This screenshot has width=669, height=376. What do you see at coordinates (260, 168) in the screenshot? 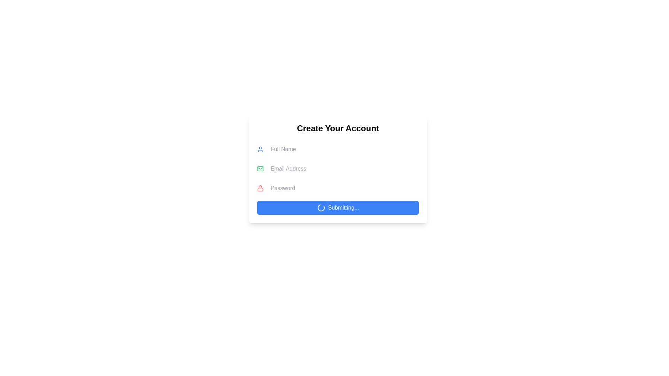
I see `the triangular-shaped icon resembling the flap of an envelope, which is part of the email icon located in the second row of the email address entry form` at bounding box center [260, 168].